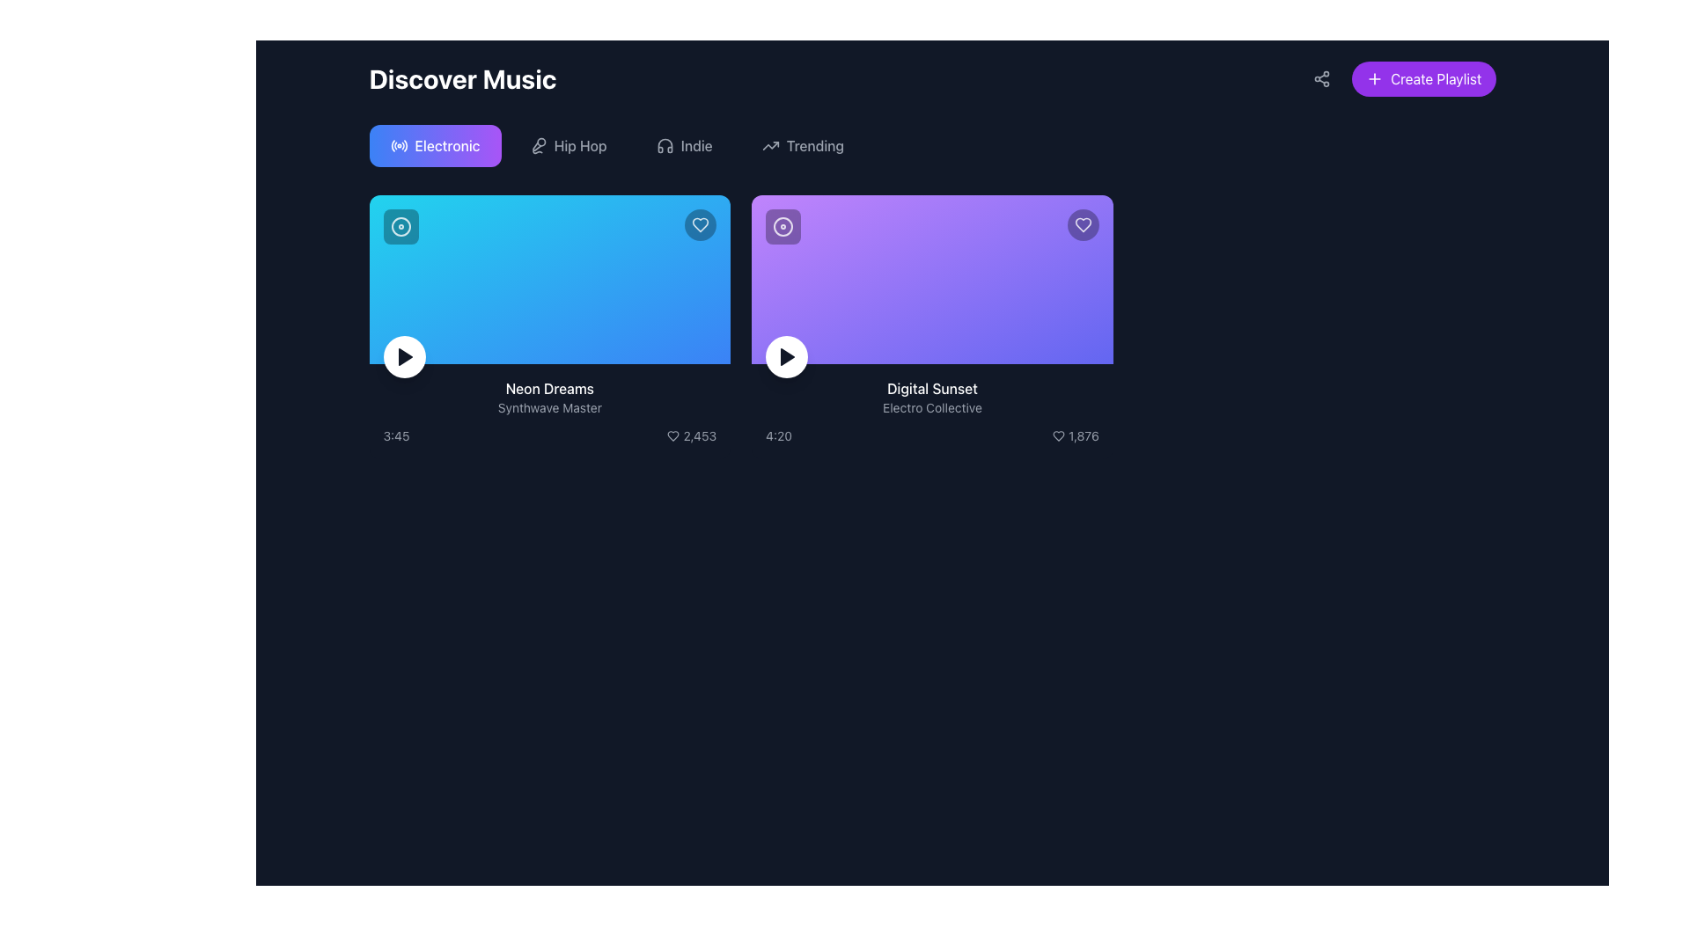 This screenshot has height=950, width=1690. I want to click on the outer circle of the icon located in the top left corner of the 'Digital Sunset' multimedia card on the right side of the interface, so click(783, 226).